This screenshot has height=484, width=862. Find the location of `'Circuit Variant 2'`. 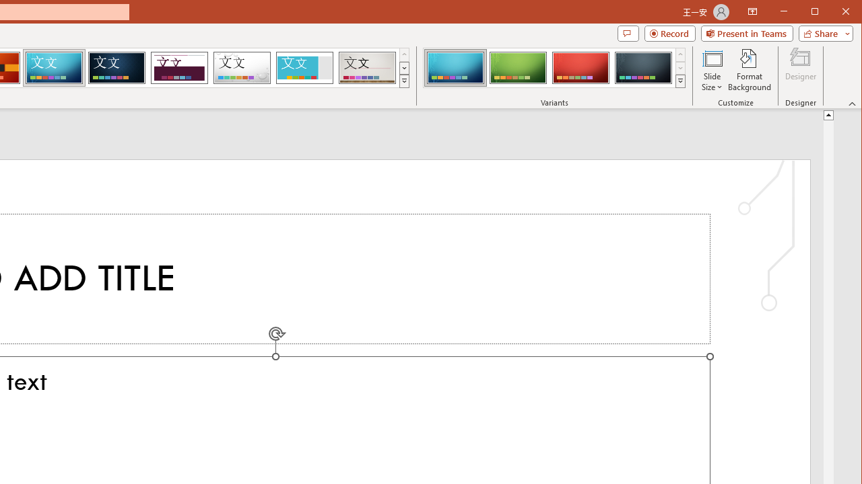

'Circuit Variant 2' is located at coordinates (517, 67).